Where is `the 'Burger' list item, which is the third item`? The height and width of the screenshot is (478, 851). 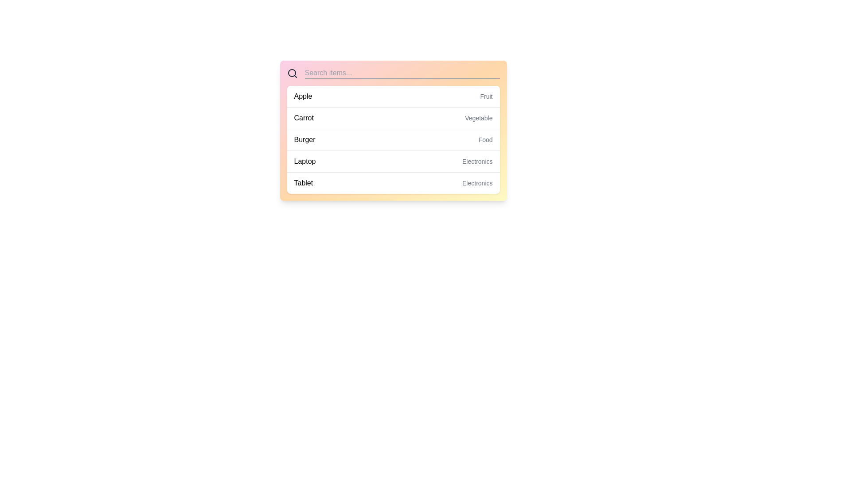
the 'Burger' list item, which is the third item is located at coordinates (393, 131).